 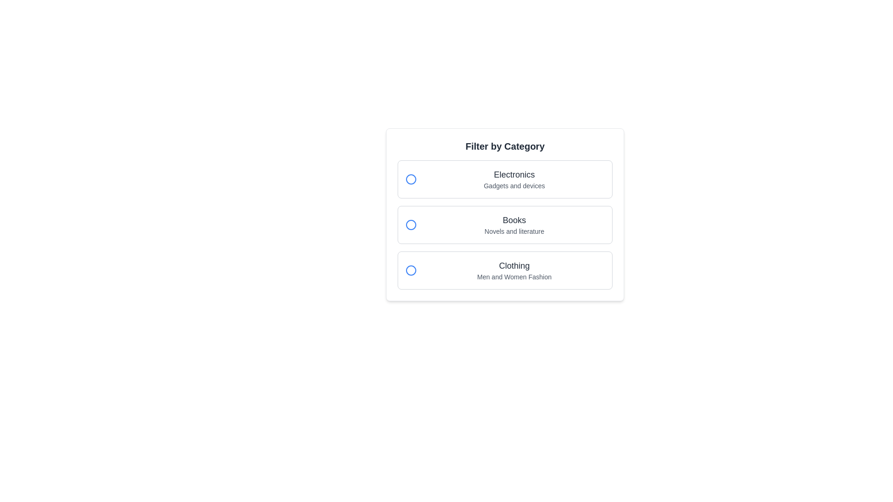 What do you see at coordinates (410, 225) in the screenshot?
I see `the radio button for selecting the category 'Books', located in the second card of a vertical list with the heading 'Books' and subtext 'Novels and literature', to trigger tooltip or visual feedback` at bounding box center [410, 225].